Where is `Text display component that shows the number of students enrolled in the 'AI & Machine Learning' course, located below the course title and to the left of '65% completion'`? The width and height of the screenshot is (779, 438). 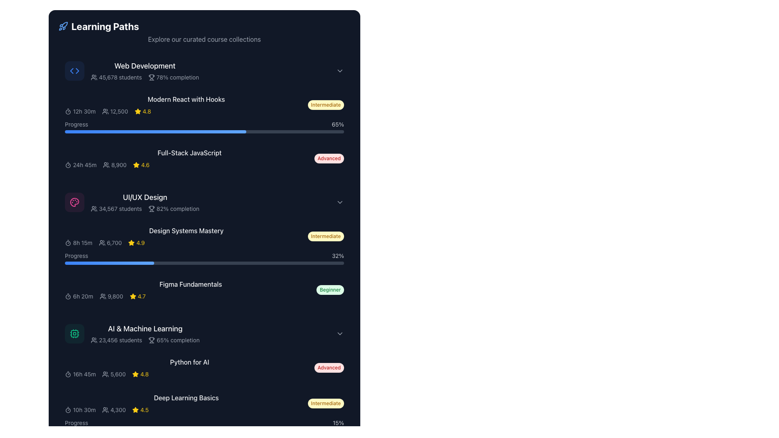
Text display component that shows the number of students enrolled in the 'AI & Machine Learning' course, located below the course title and to the left of '65% completion' is located at coordinates (116, 340).